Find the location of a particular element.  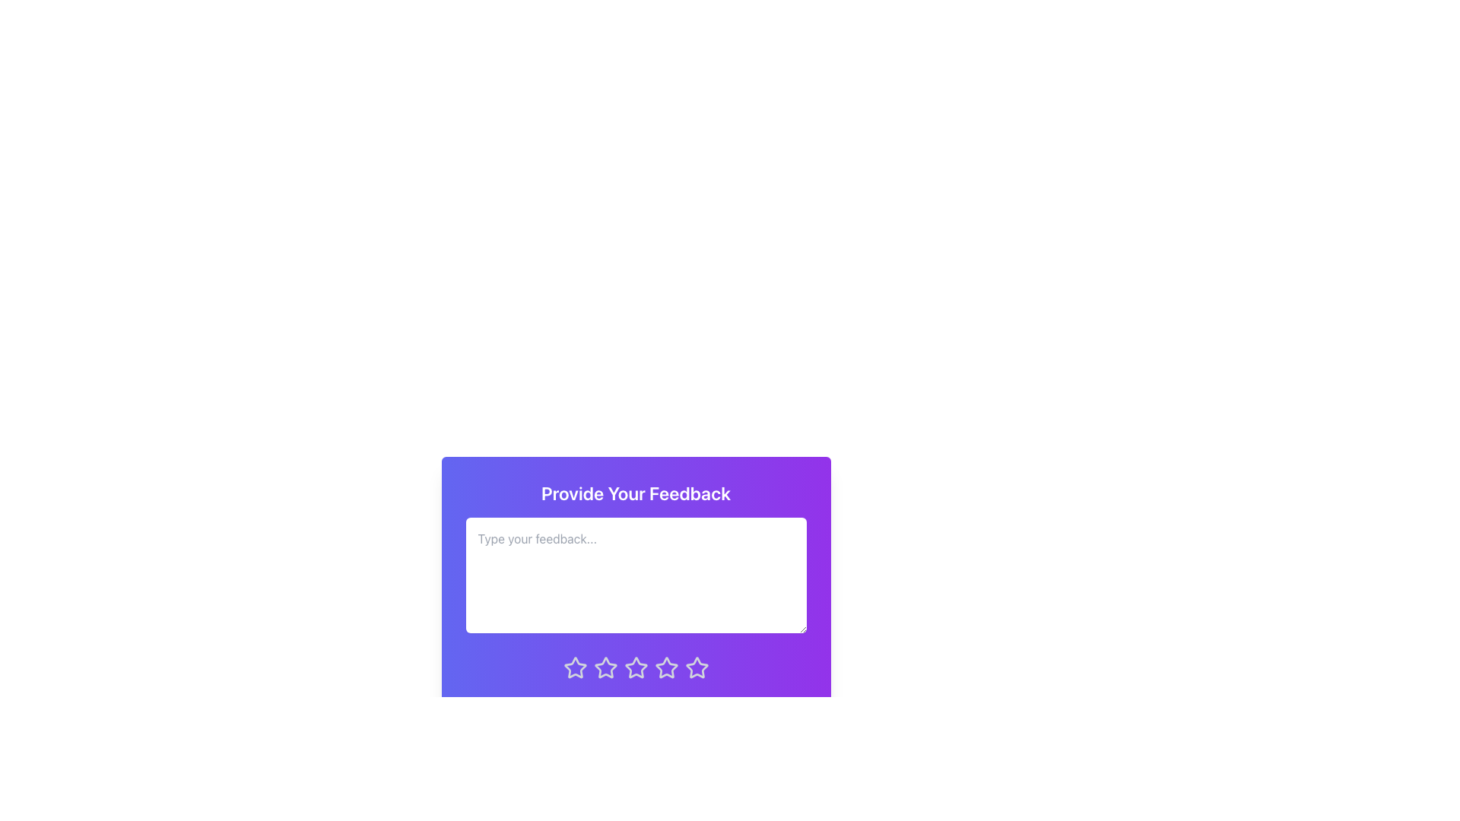

the second Rating Star Icon, which has a light gray outline on a purple background is located at coordinates (605, 667).